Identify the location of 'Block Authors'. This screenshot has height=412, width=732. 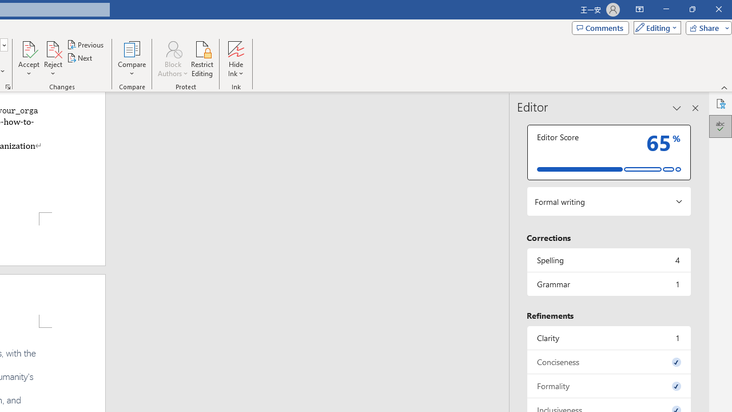
(172, 48).